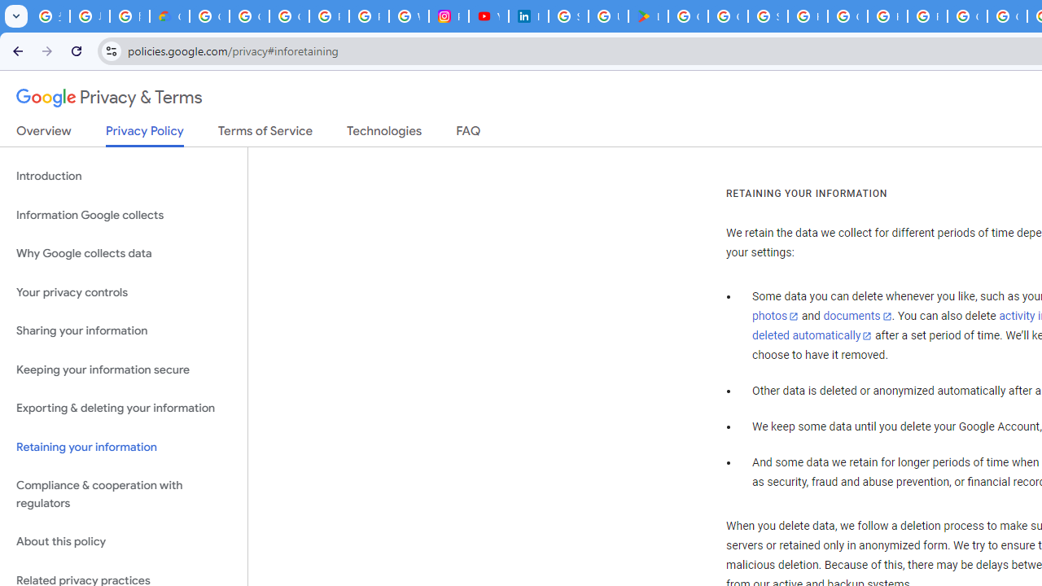 The height and width of the screenshot is (586, 1042). Describe the element at coordinates (123, 447) in the screenshot. I see `'Retaining your information'` at that location.